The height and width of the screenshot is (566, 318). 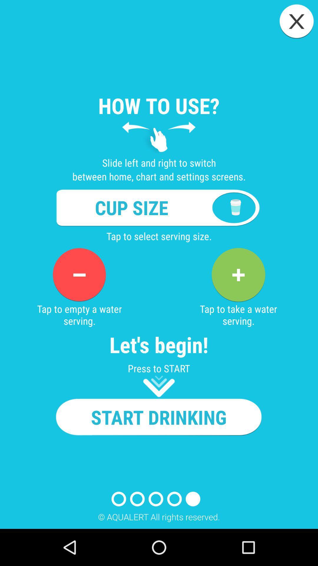 What do you see at coordinates (79, 274) in the screenshot?
I see `the app to the left of tap to take icon` at bounding box center [79, 274].